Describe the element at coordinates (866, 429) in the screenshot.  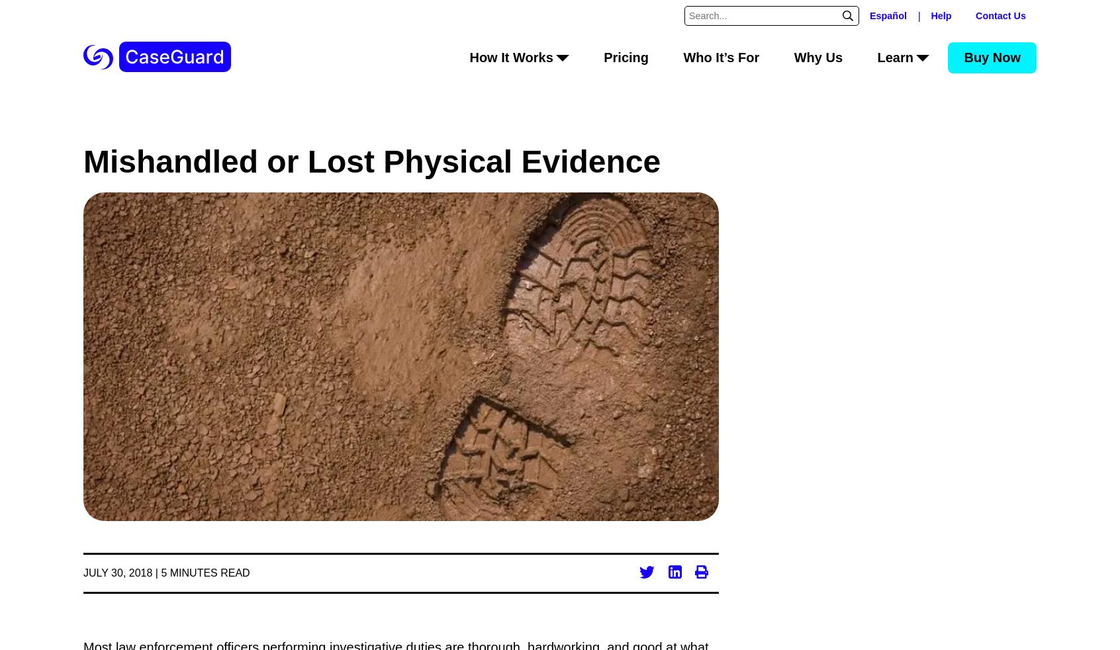
I see `'Documentation on how to install, set up and use CaseGuard’s products. A step-by-step instructions on how to use CaseGuard redaction.'` at that location.